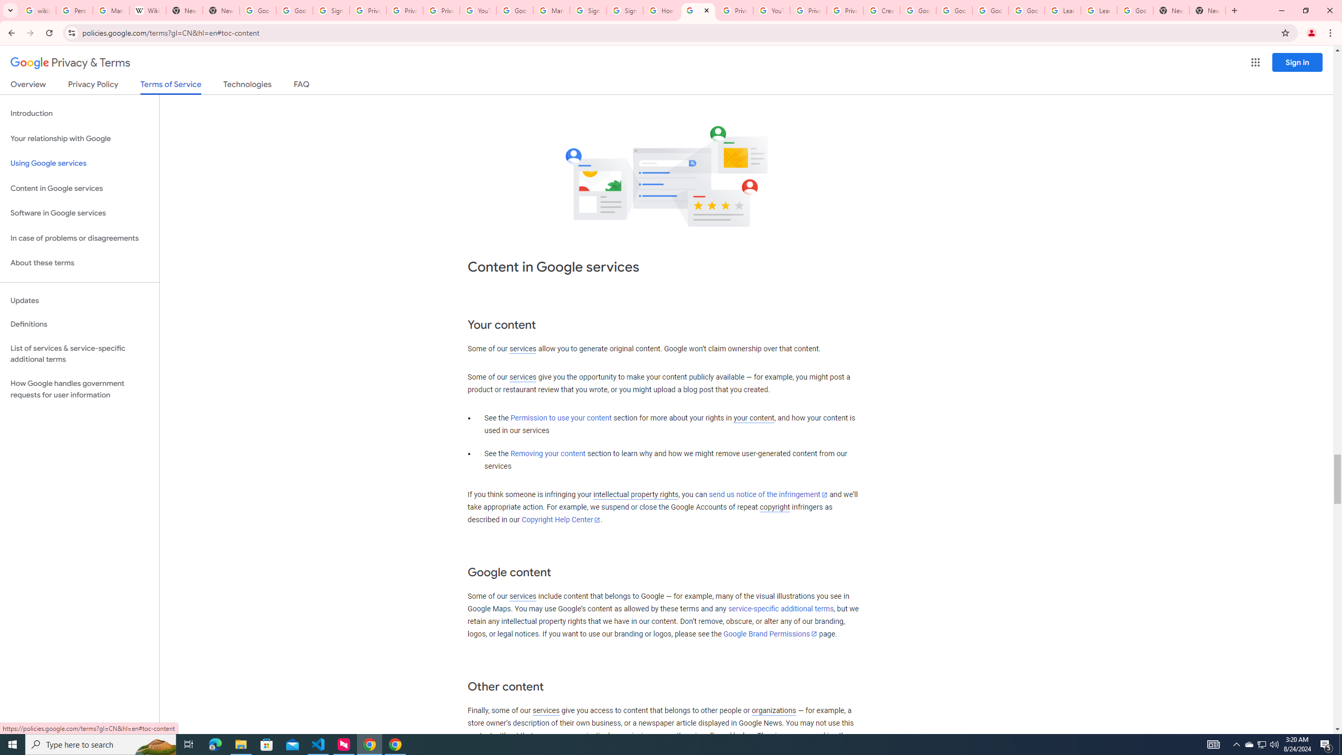 The width and height of the screenshot is (1342, 755). Describe the element at coordinates (1134, 10) in the screenshot. I see `'Google Account'` at that location.